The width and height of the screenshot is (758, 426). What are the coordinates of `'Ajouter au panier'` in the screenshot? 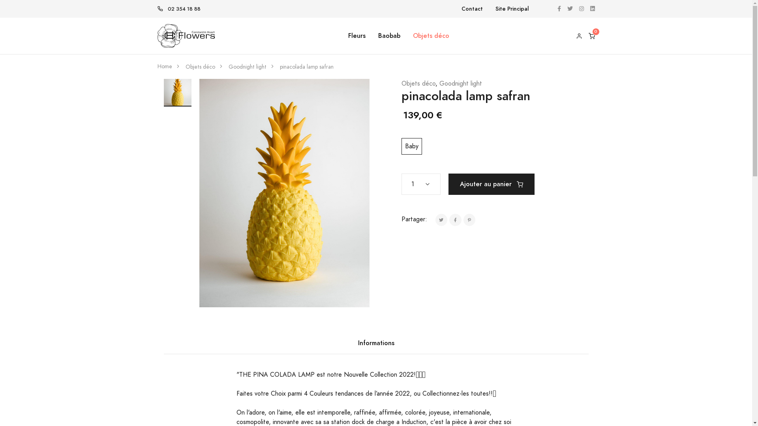 It's located at (491, 184).